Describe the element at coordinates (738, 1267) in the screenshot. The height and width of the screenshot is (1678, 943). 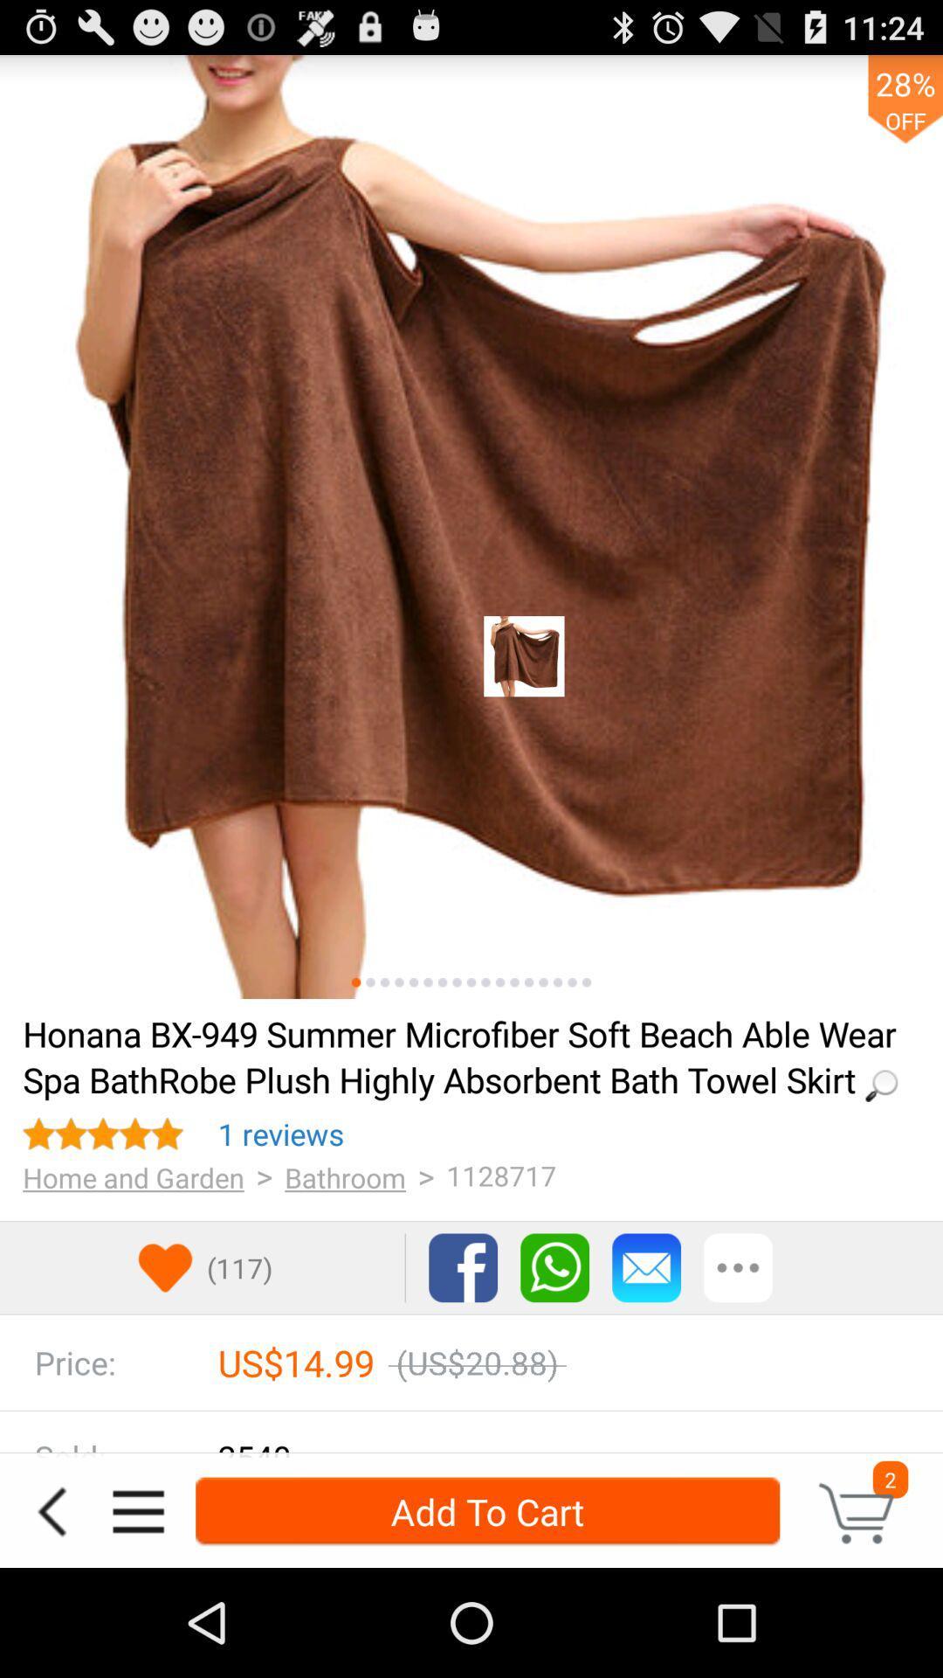
I see `other options for communication or sharing` at that location.